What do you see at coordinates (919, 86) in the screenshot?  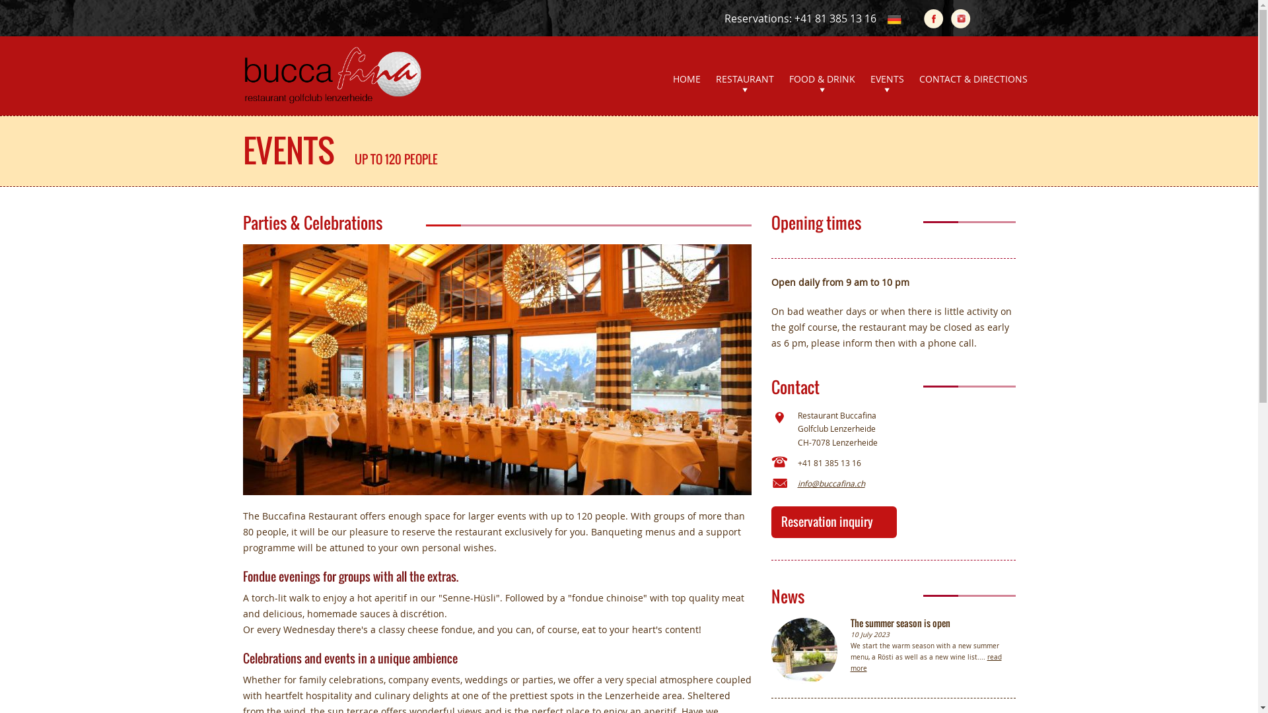 I see `'CONTACT & DIRECTIONS'` at bounding box center [919, 86].